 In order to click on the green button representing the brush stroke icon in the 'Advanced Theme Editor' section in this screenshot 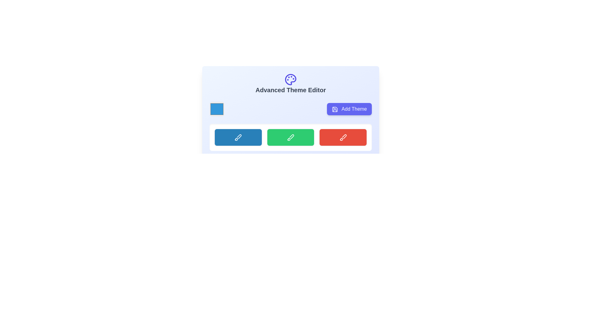, I will do `click(291, 136)`.